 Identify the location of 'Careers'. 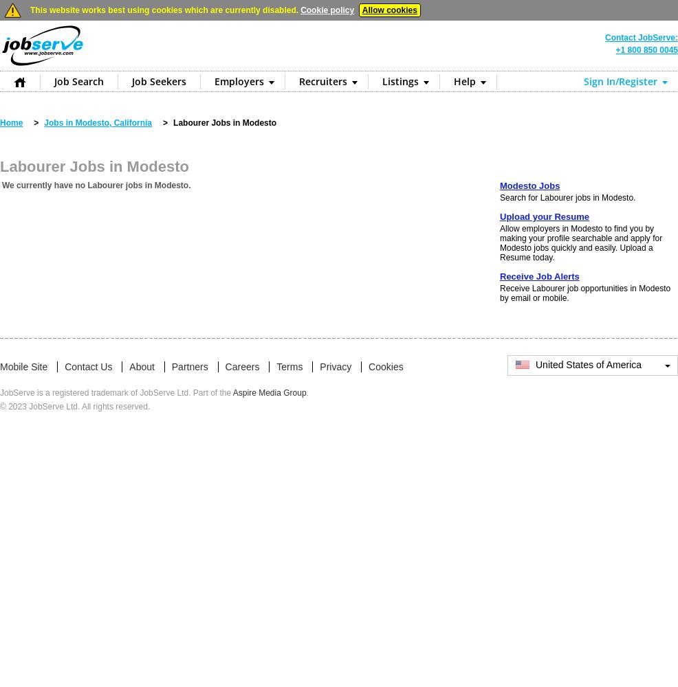
(224, 367).